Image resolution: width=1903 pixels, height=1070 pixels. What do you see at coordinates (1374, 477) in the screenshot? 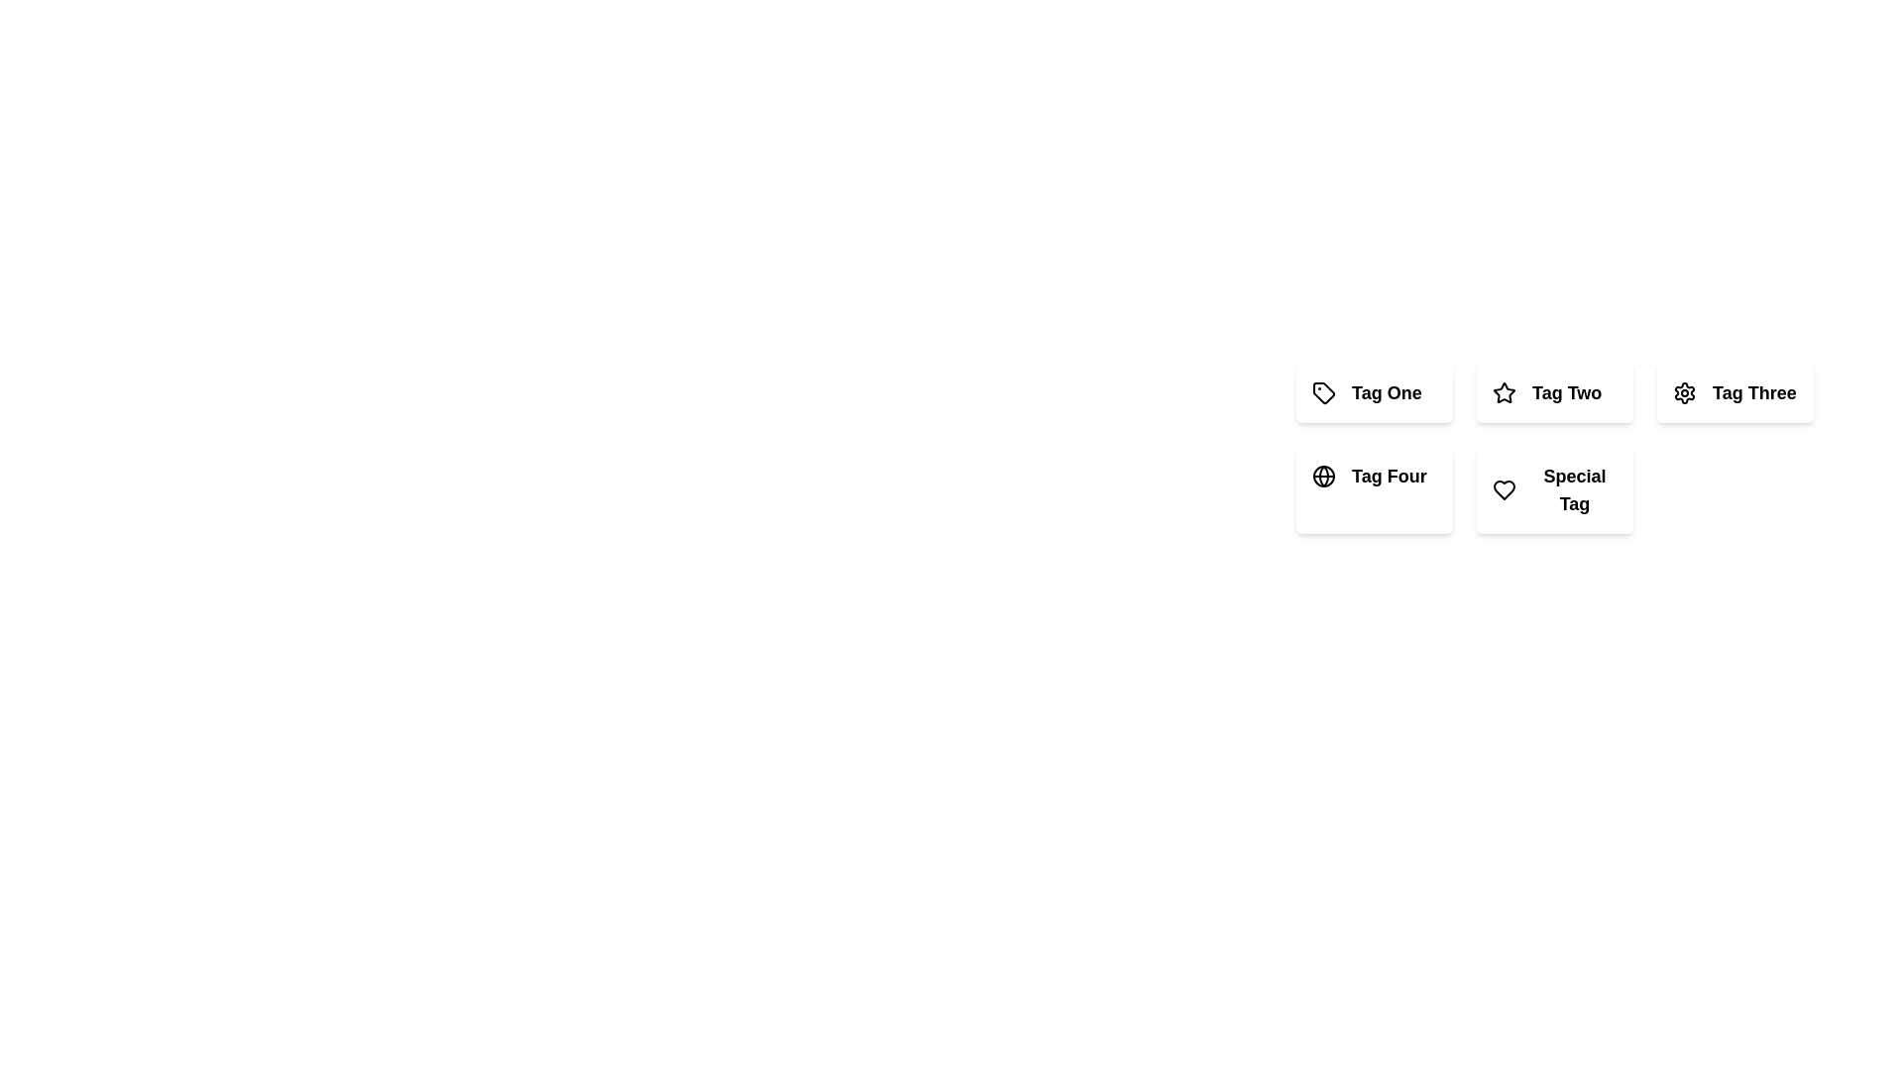
I see `the 'Tag Four' button, which features a globe icon and is located in the bottom-left card of a 2x3 grid of buttons` at bounding box center [1374, 477].